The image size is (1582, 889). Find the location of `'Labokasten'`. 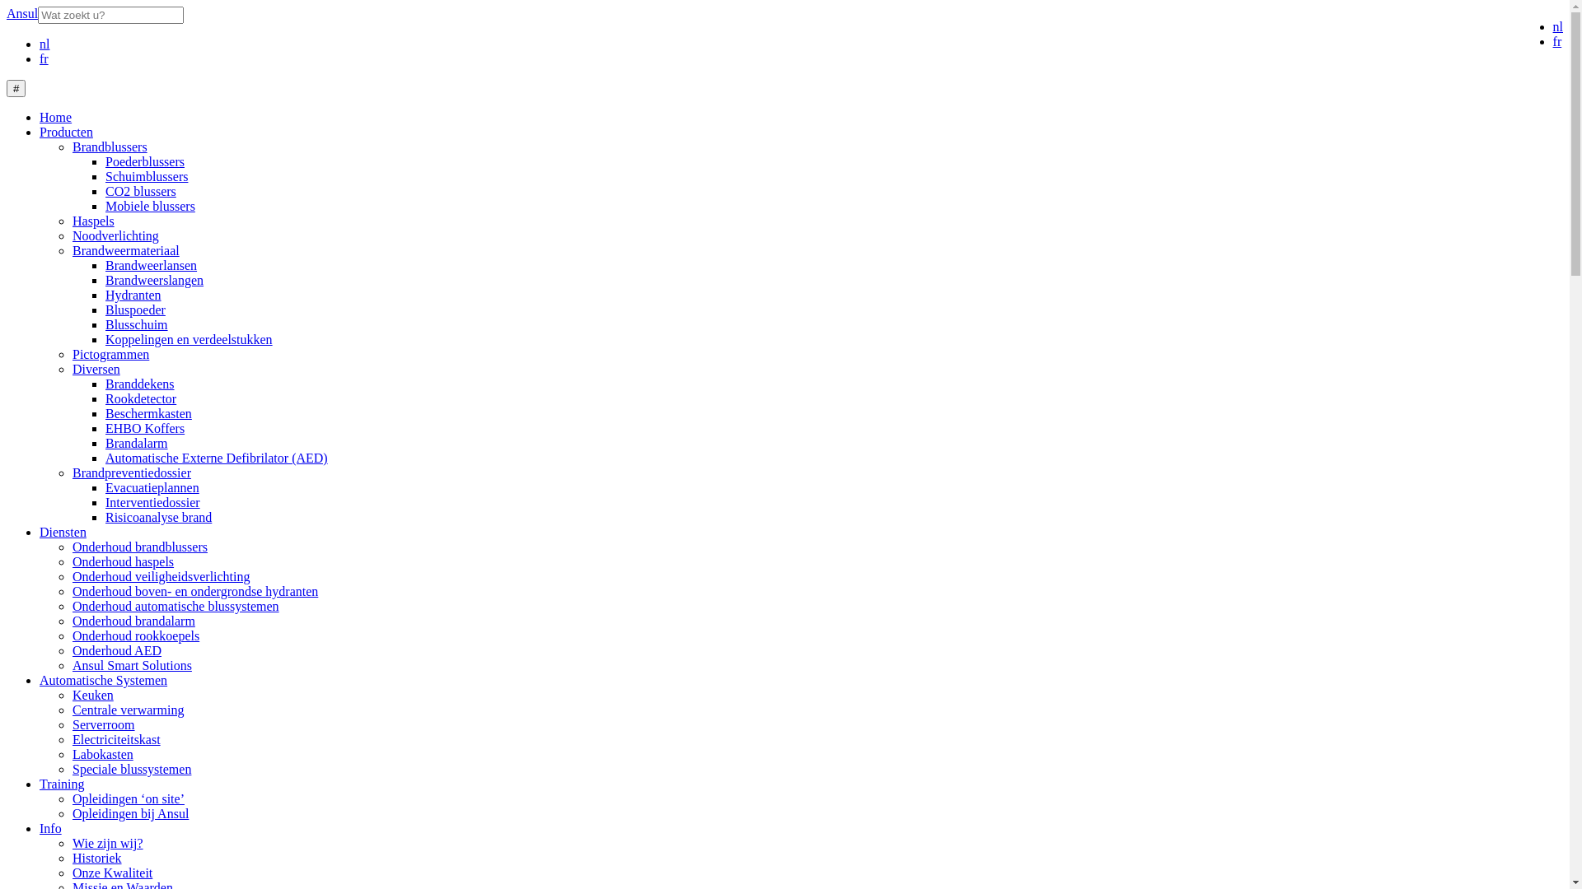

'Labokasten' is located at coordinates (101, 754).